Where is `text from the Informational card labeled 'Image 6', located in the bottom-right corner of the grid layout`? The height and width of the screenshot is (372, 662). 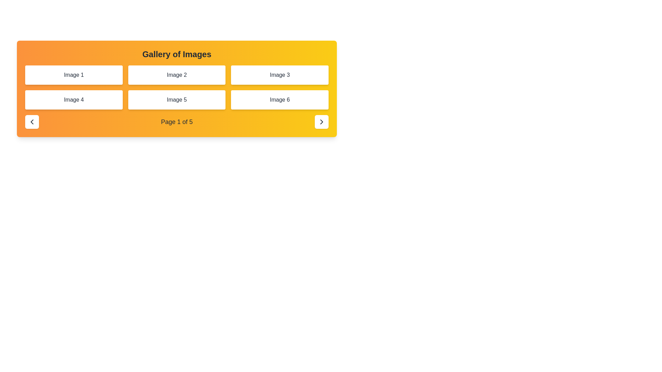
text from the Informational card labeled 'Image 6', located in the bottom-right corner of the grid layout is located at coordinates (280, 100).